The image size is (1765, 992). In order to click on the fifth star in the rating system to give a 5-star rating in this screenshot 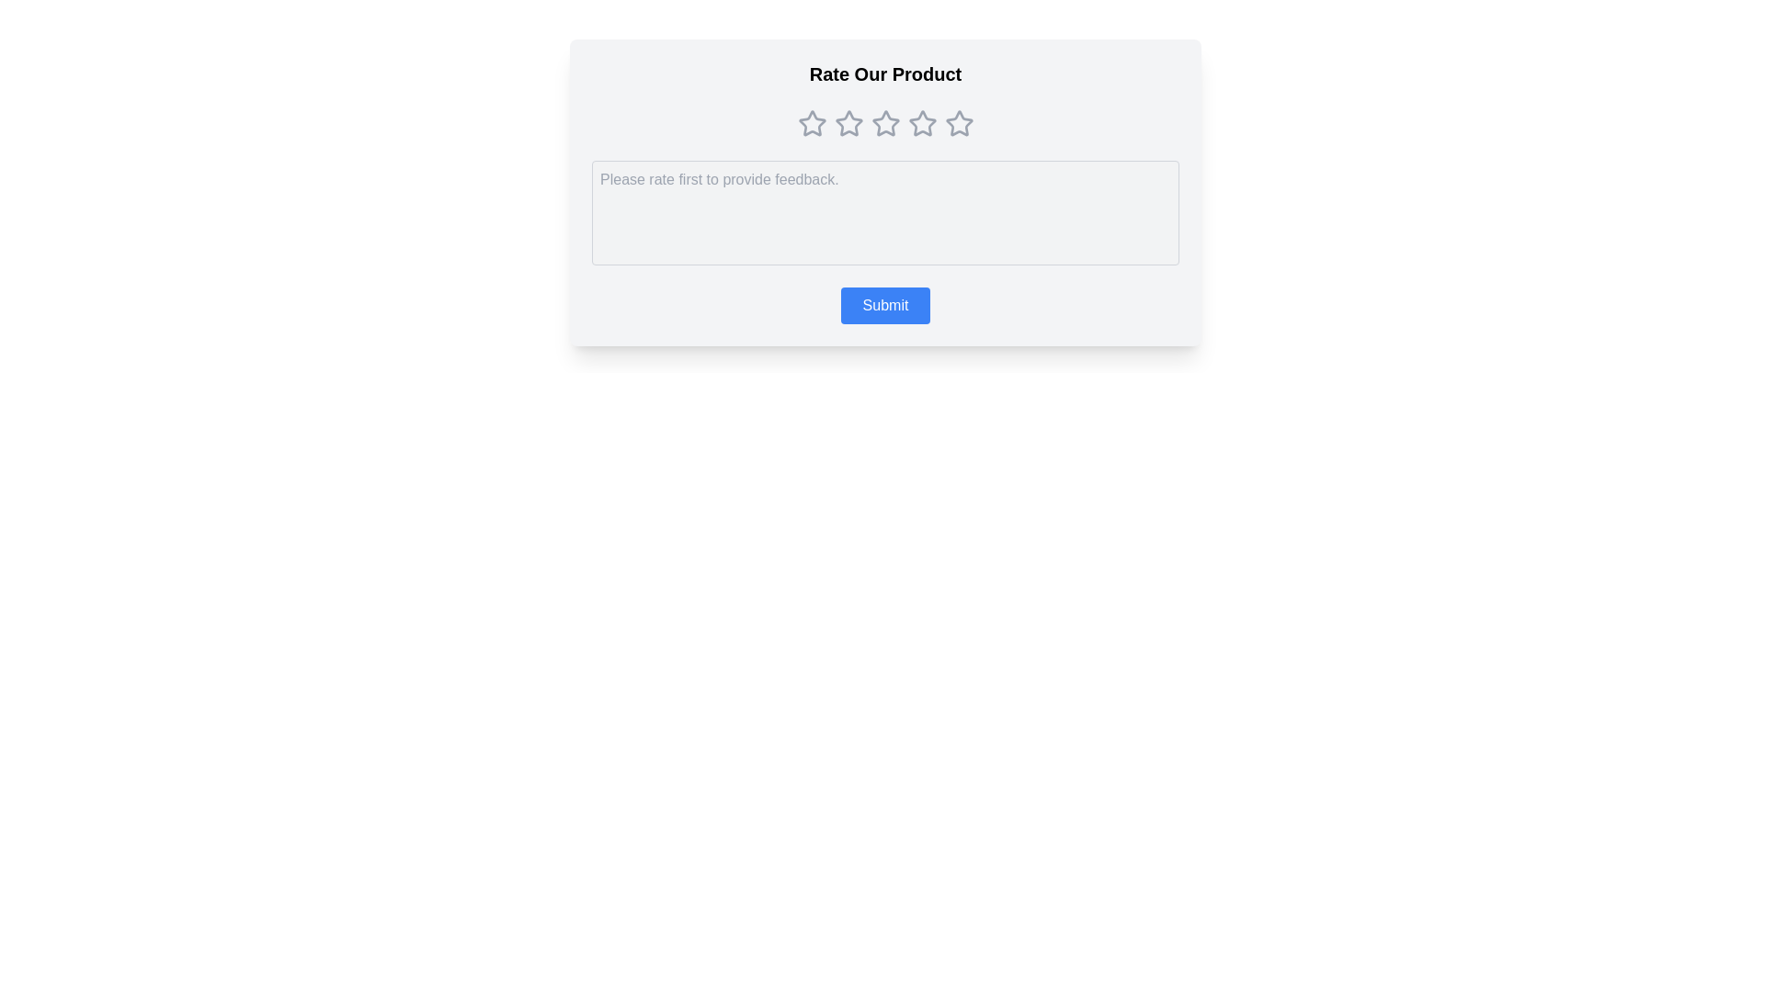, I will do `click(958, 124)`.